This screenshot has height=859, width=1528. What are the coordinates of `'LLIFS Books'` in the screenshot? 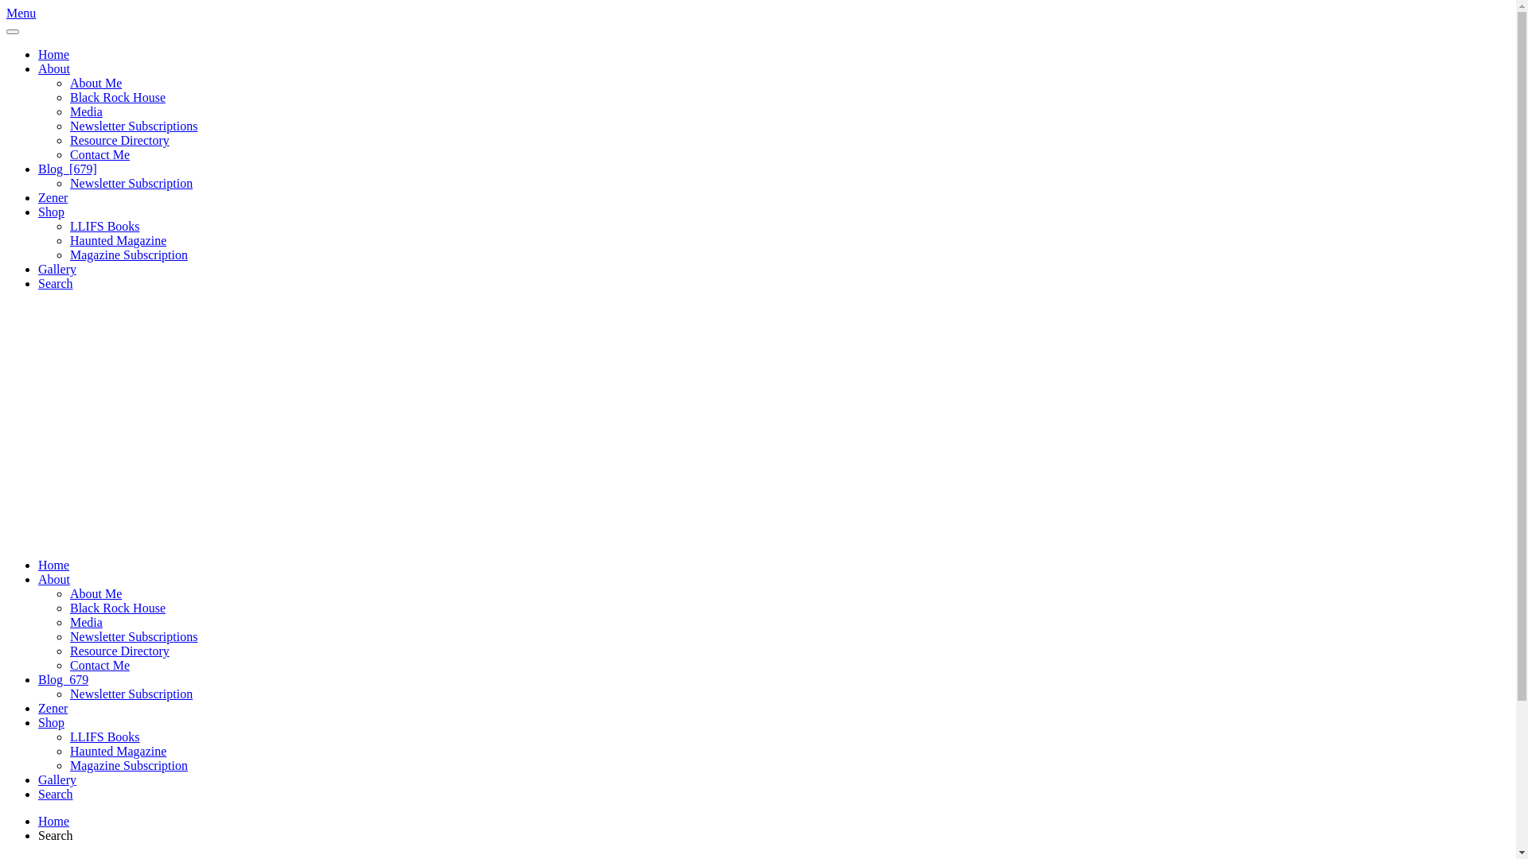 It's located at (103, 737).